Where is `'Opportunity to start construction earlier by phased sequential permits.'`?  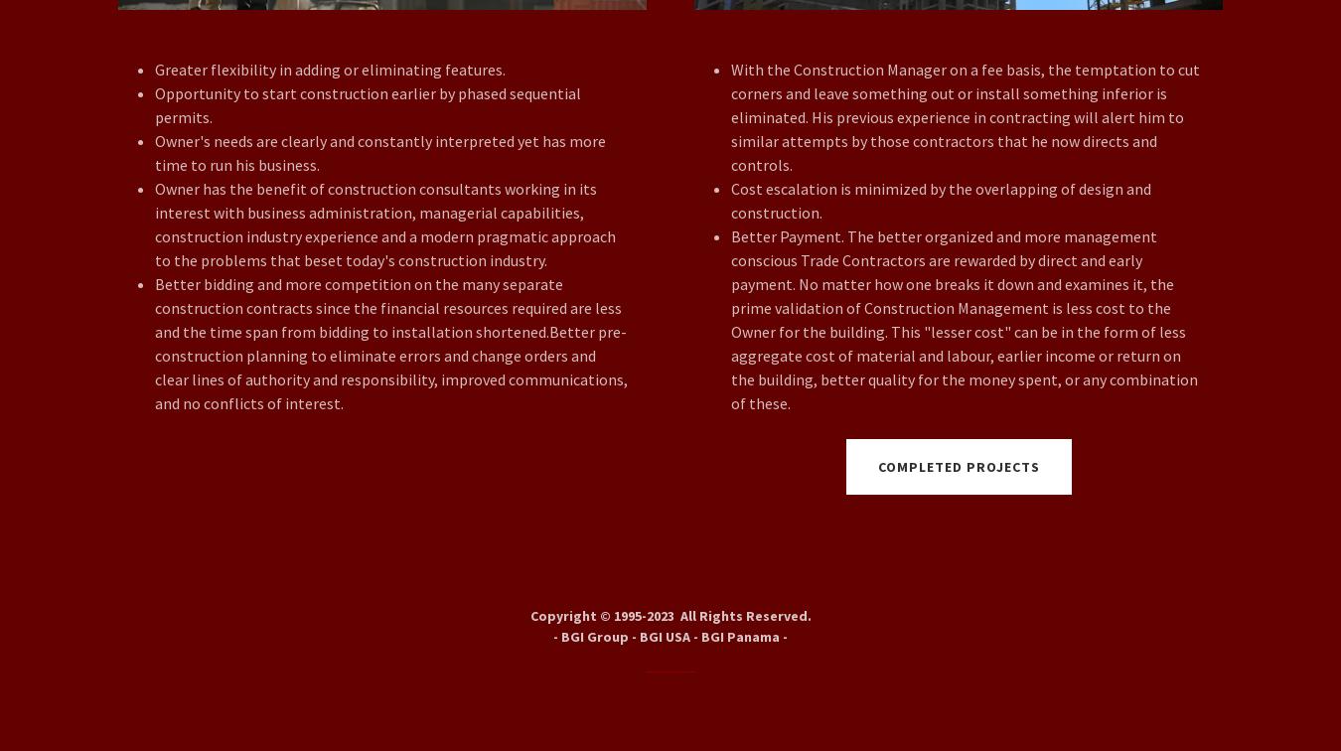 'Opportunity to start construction earlier by phased sequential permits.' is located at coordinates (367, 104).